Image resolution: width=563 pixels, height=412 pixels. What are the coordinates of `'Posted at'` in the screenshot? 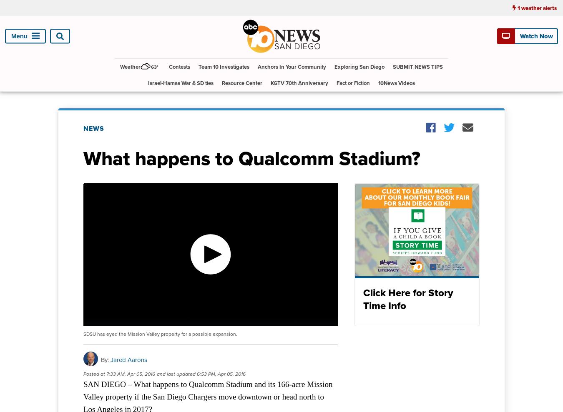 It's located at (94, 374).